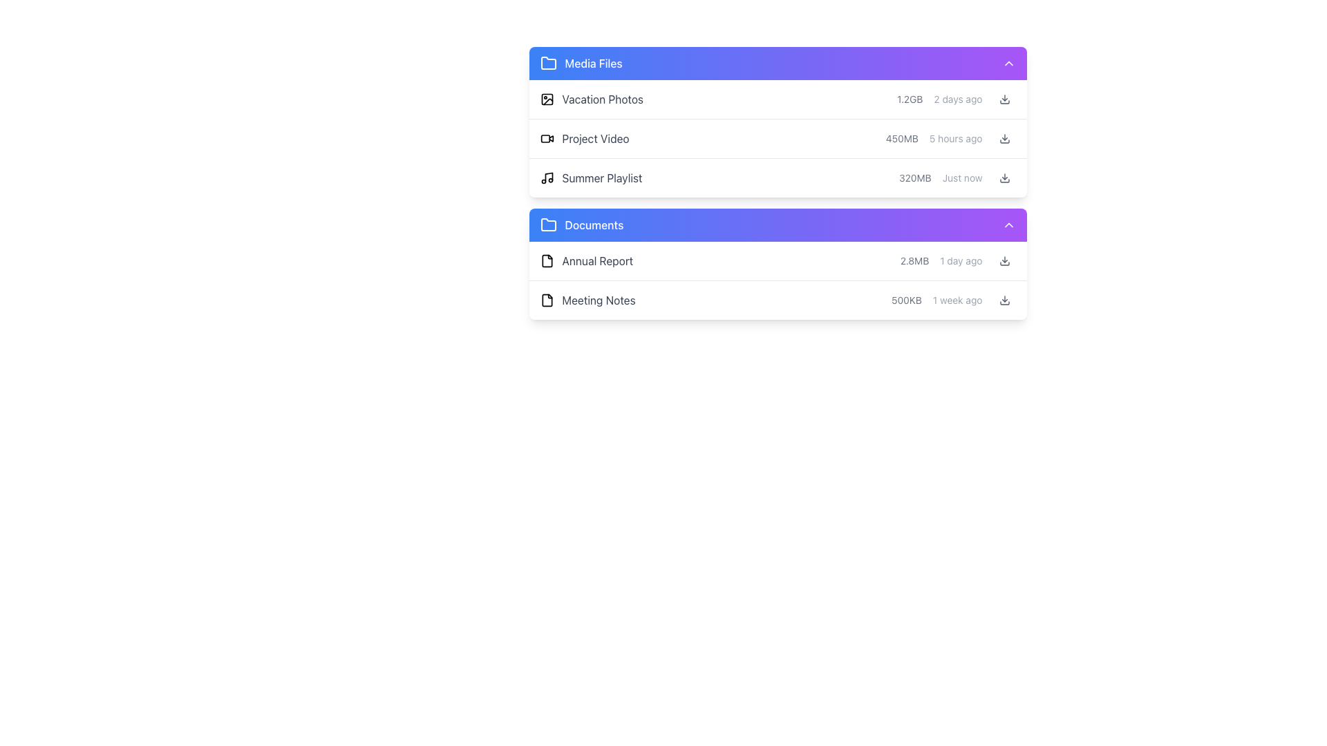 The image size is (1327, 746). Describe the element at coordinates (1004, 98) in the screenshot. I see `the download icon button, which resembles a download arrow, located in the Documents section next to the Annual Report item` at that location.